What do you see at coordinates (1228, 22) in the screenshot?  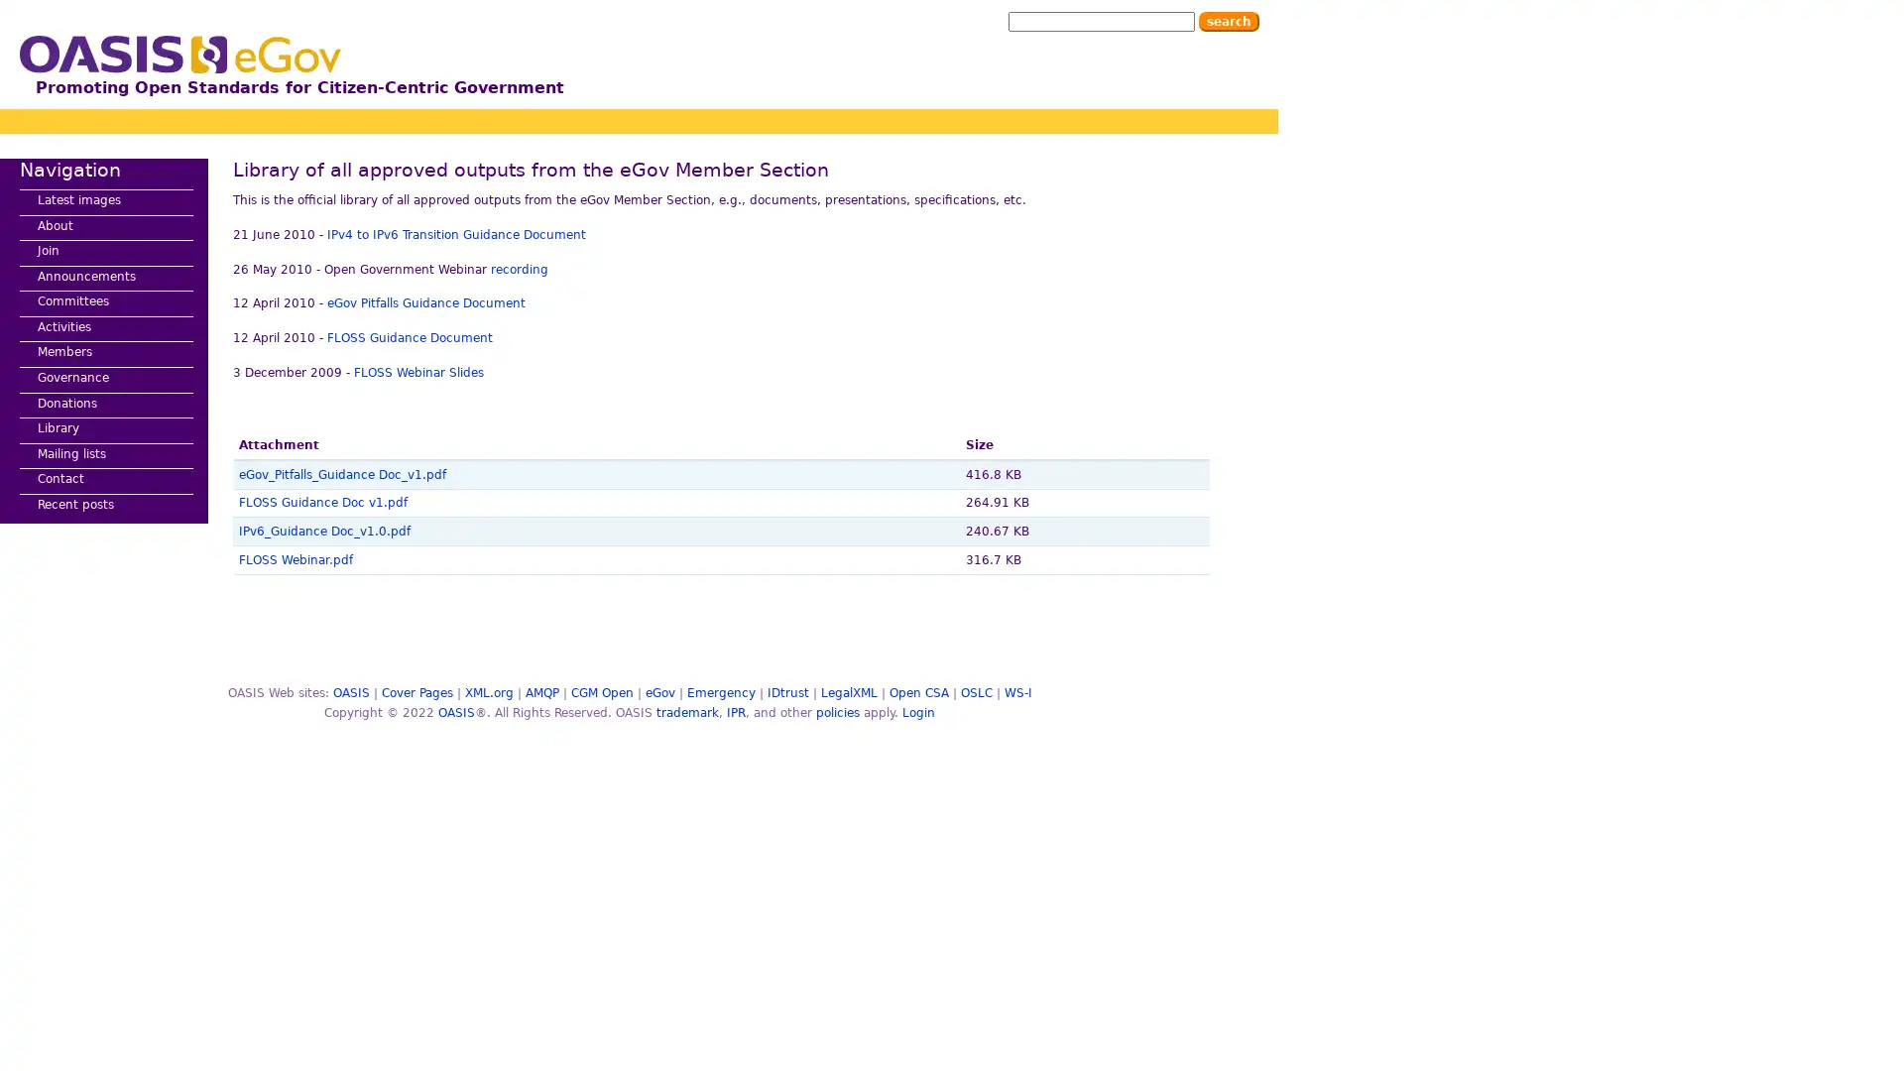 I see `Search` at bounding box center [1228, 22].